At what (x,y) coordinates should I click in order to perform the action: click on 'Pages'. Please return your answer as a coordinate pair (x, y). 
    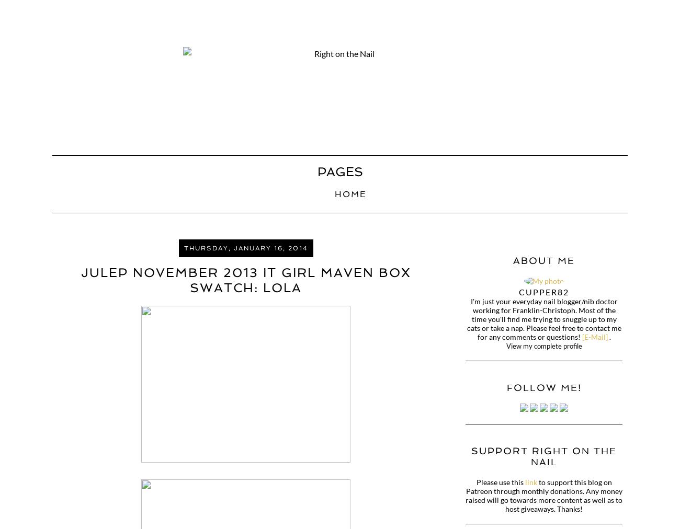
    Looking at the image, I should click on (339, 171).